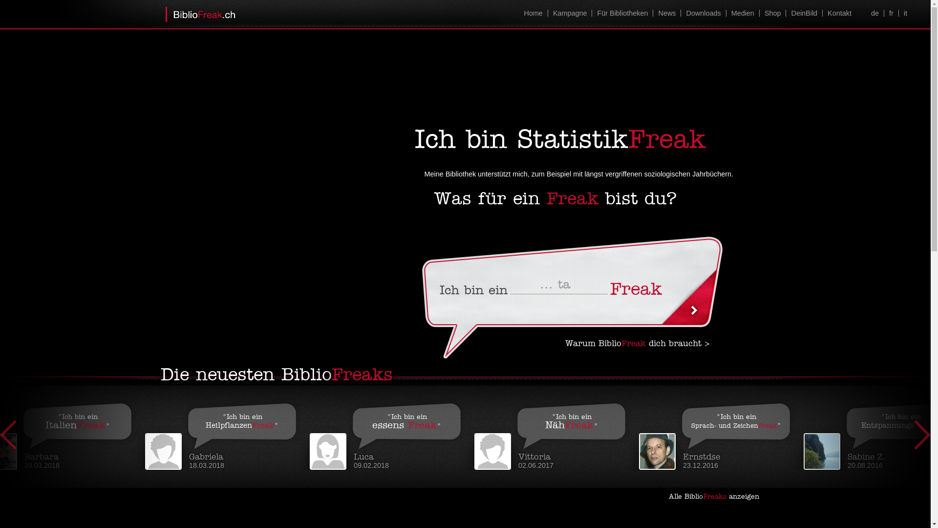  What do you see at coordinates (839, 13) in the screenshot?
I see `'Kontakt'` at bounding box center [839, 13].